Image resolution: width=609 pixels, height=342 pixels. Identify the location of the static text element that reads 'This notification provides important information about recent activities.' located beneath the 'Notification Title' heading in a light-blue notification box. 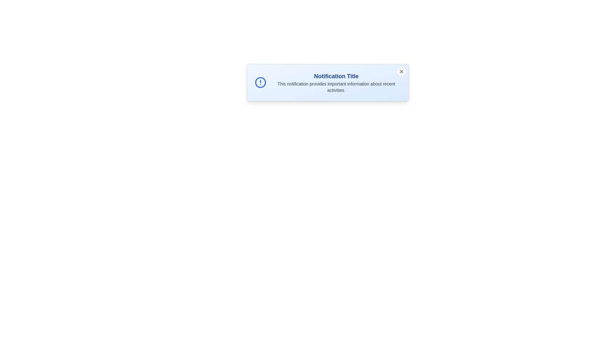
(336, 87).